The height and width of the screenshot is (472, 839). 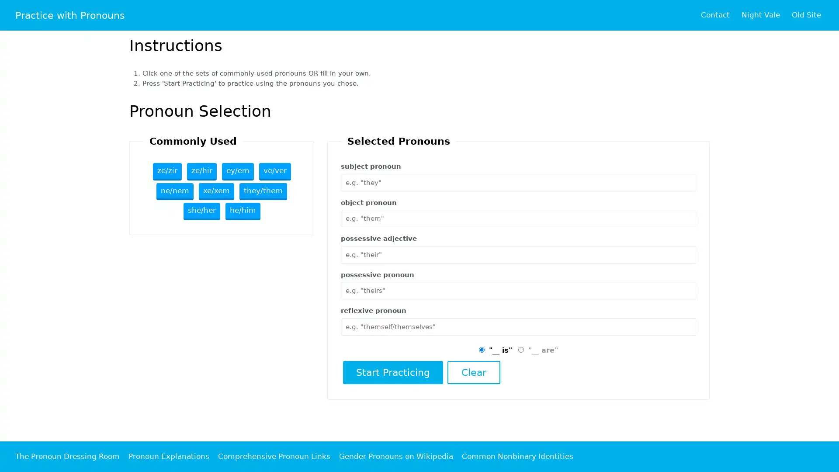 I want to click on ze/hir, so click(x=201, y=171).